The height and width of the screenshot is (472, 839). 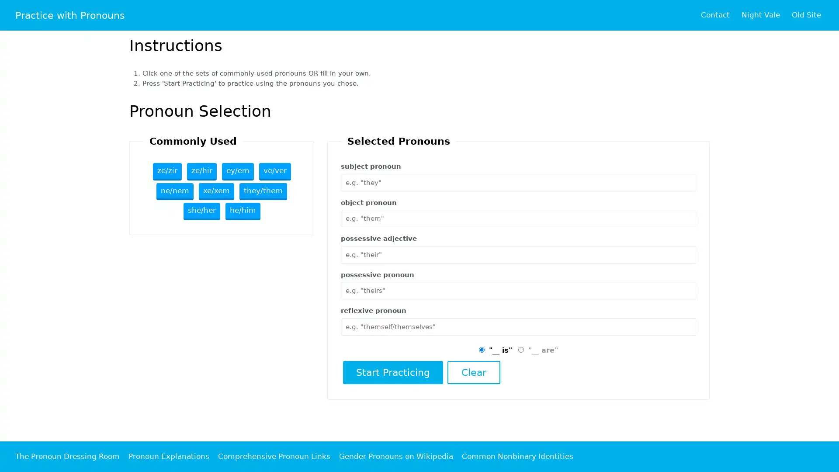 I want to click on ze/hir, so click(x=201, y=171).